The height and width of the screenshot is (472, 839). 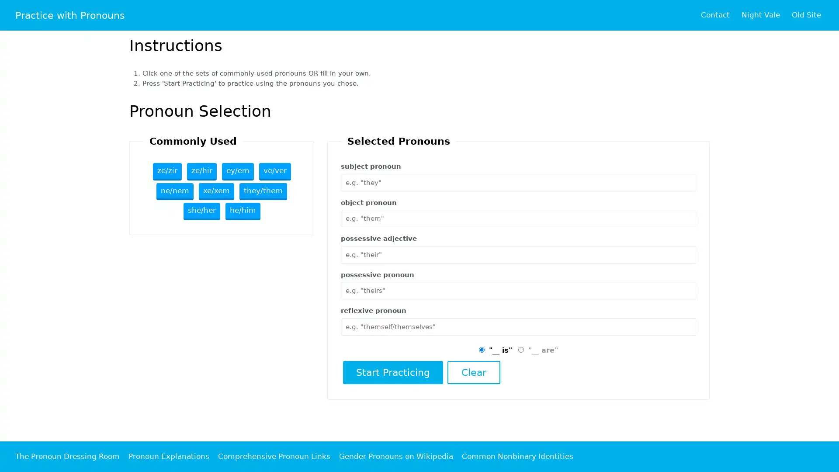 I want to click on ze/hir, so click(x=201, y=171).